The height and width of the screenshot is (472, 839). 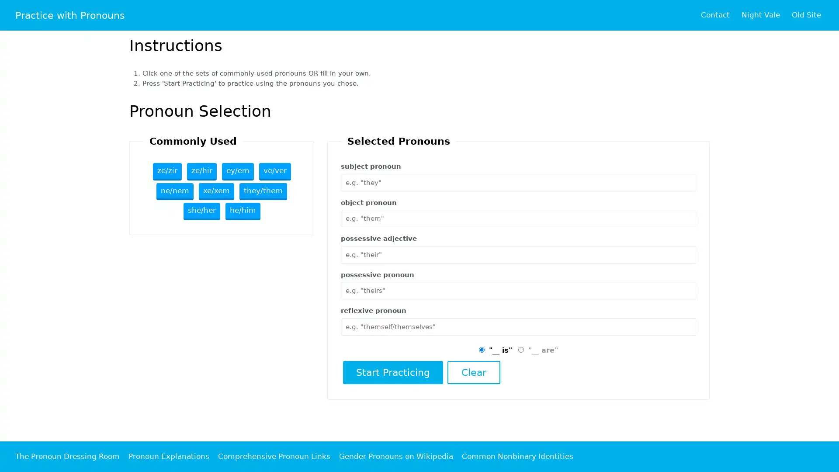 I want to click on ze/hir, so click(x=201, y=171).